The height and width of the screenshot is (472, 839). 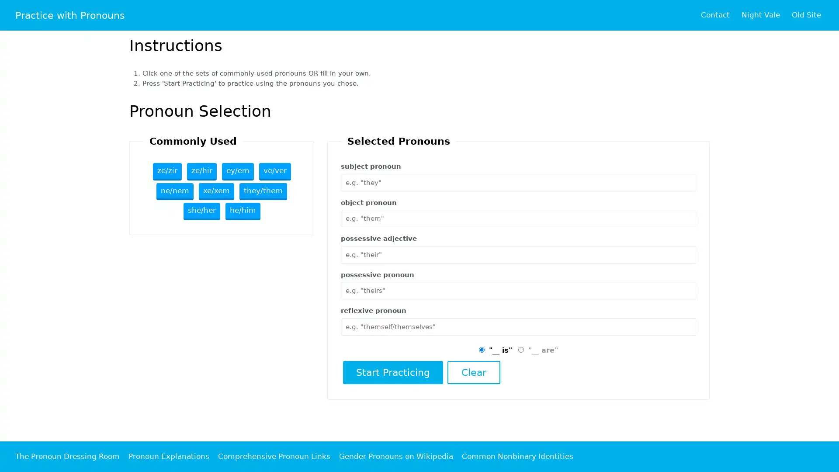 I want to click on ze/hir, so click(x=201, y=171).